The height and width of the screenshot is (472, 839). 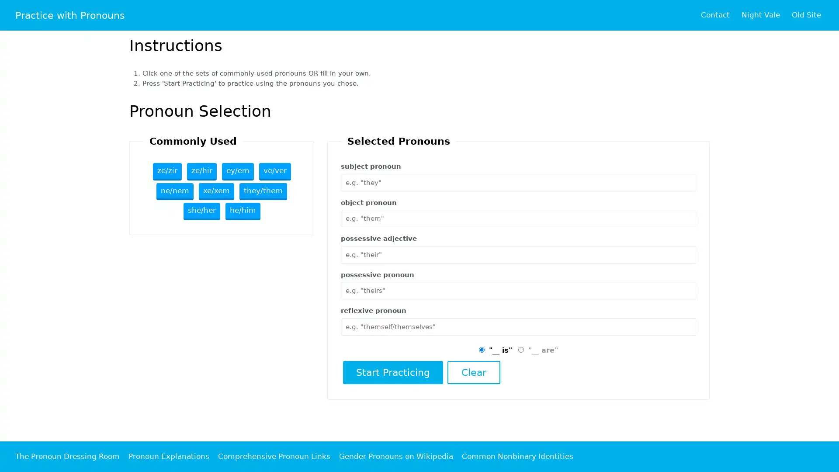 I want to click on ze/hir, so click(x=201, y=171).